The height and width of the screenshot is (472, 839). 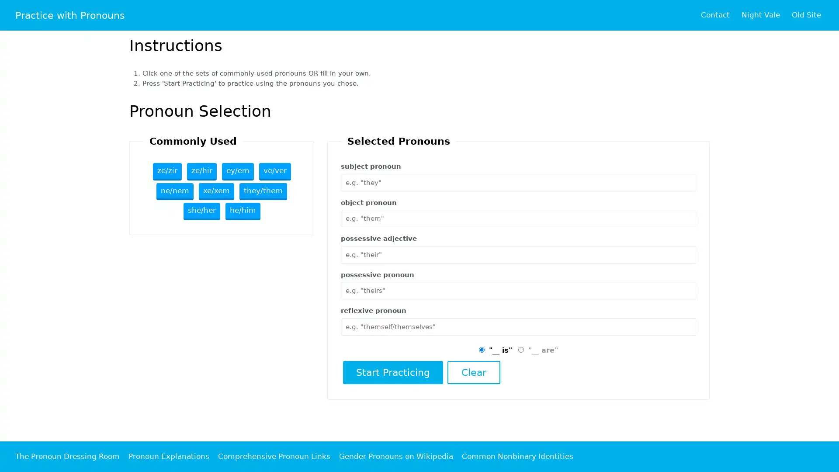 I want to click on ze/hir, so click(x=201, y=171).